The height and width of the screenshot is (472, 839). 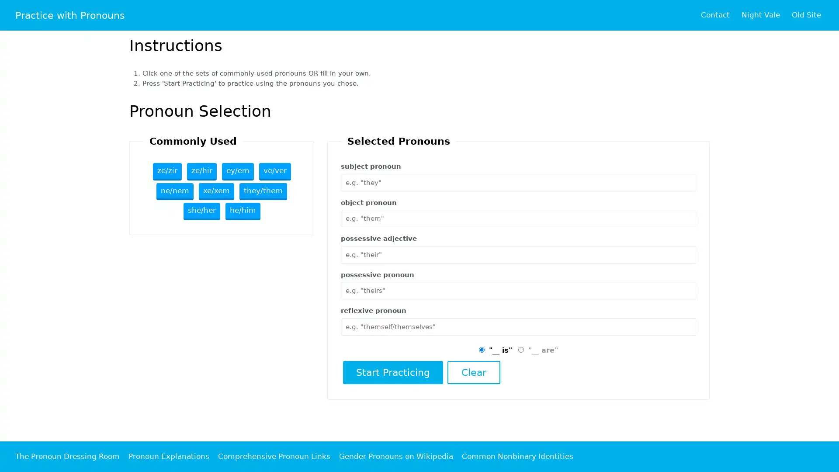 I want to click on ze/hir, so click(x=201, y=171).